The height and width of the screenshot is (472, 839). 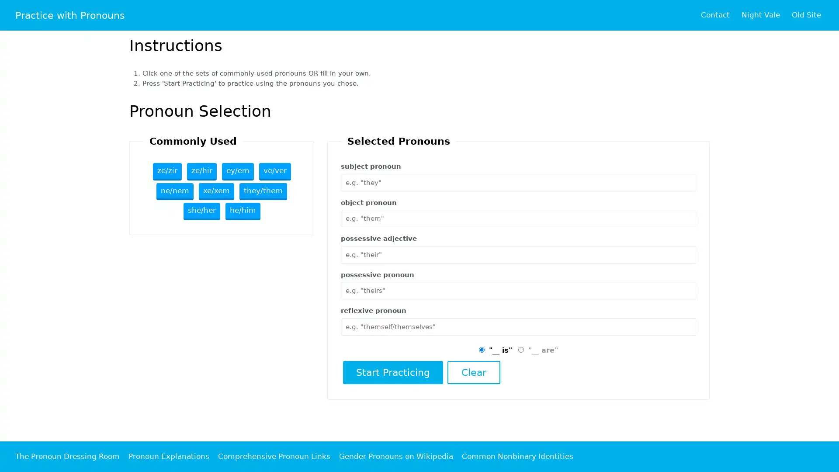 I want to click on ze/hir, so click(x=201, y=171).